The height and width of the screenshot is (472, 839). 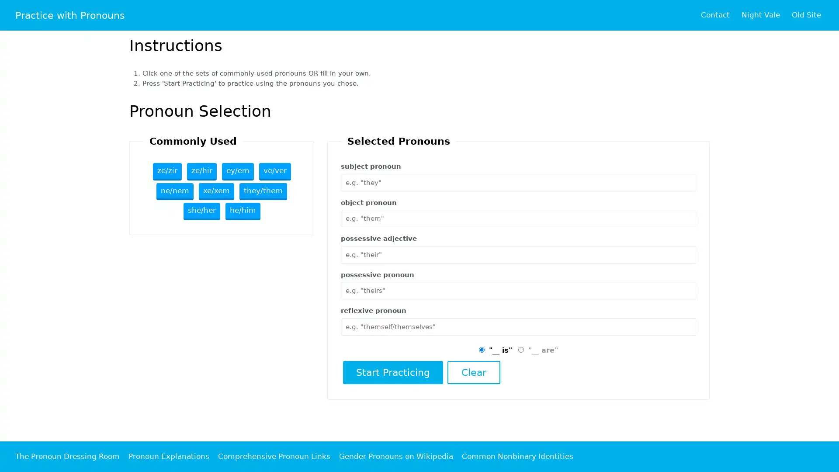 I want to click on ze/hir, so click(x=201, y=171).